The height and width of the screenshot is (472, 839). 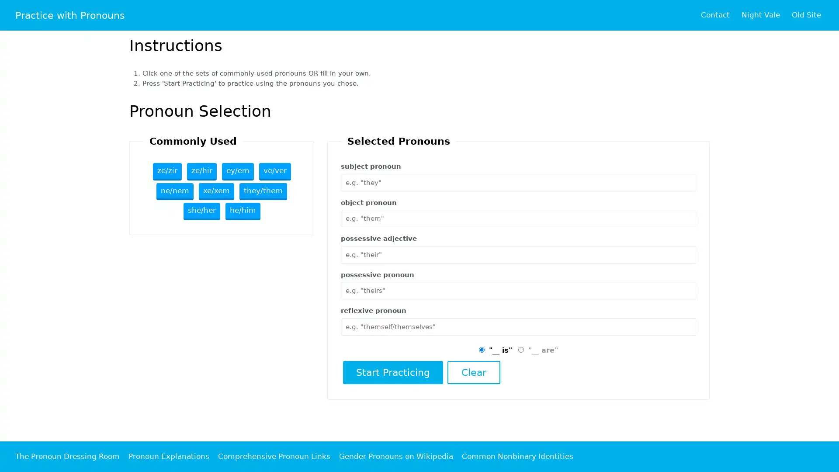 I want to click on ze/hir, so click(x=201, y=171).